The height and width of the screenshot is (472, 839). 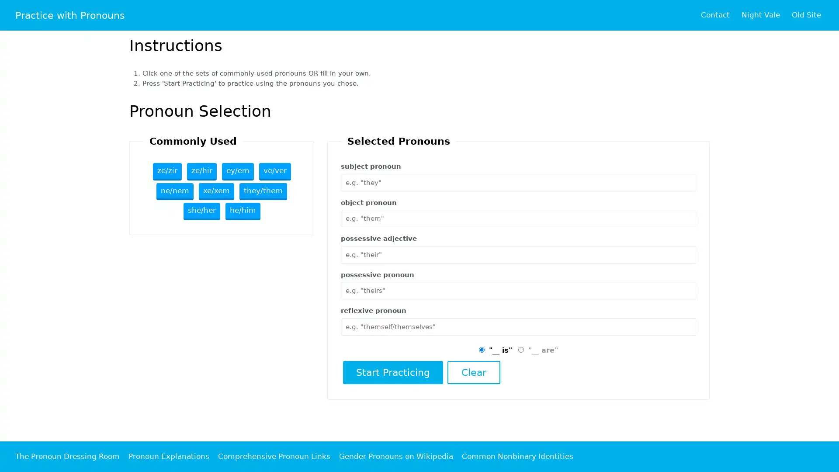 I want to click on ze/hir, so click(x=201, y=171).